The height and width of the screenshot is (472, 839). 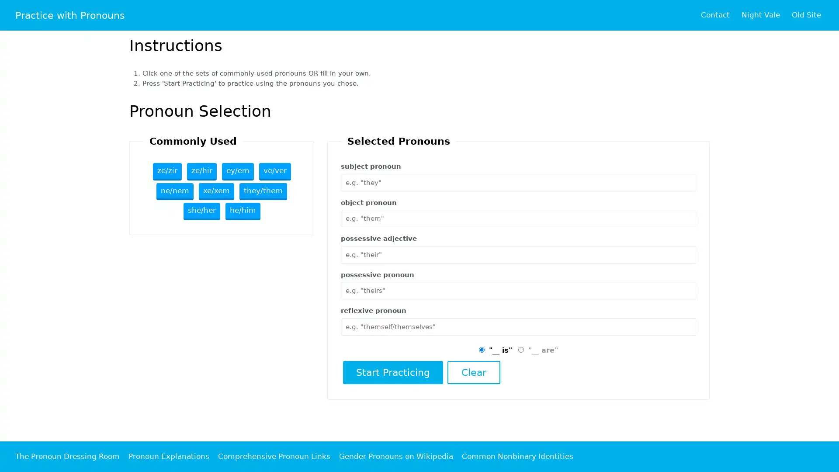 I want to click on ze/hir, so click(x=201, y=171).